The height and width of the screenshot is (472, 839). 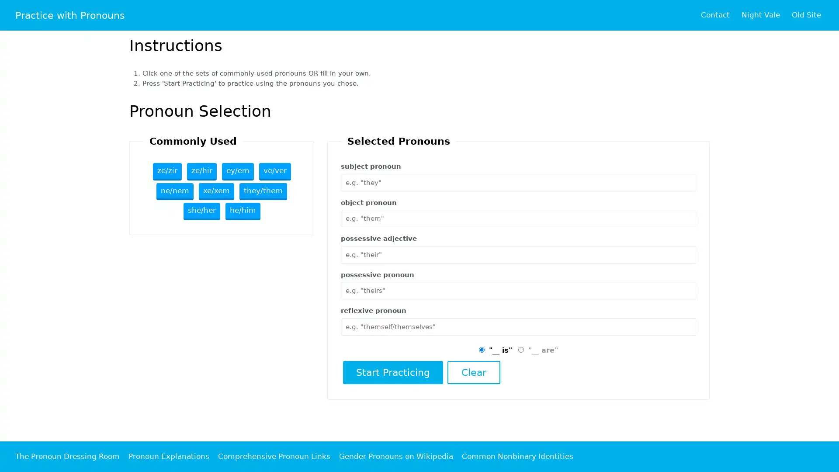 I want to click on ze/hir, so click(x=201, y=171).